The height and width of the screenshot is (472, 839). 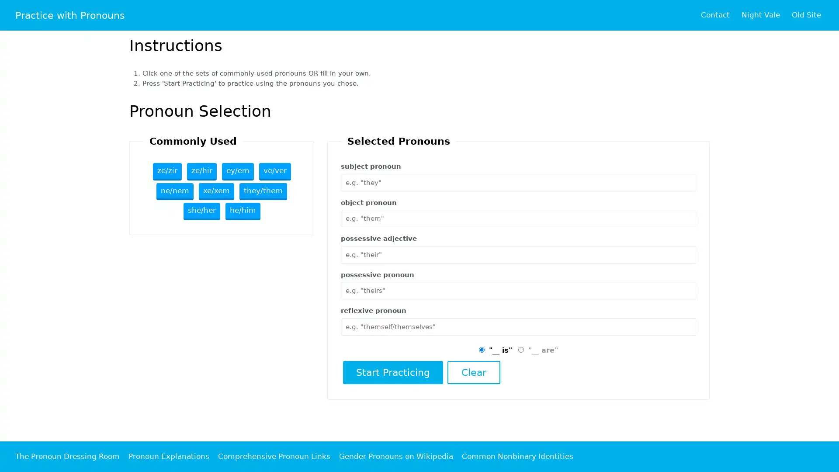 I want to click on ze/hir, so click(x=201, y=171).